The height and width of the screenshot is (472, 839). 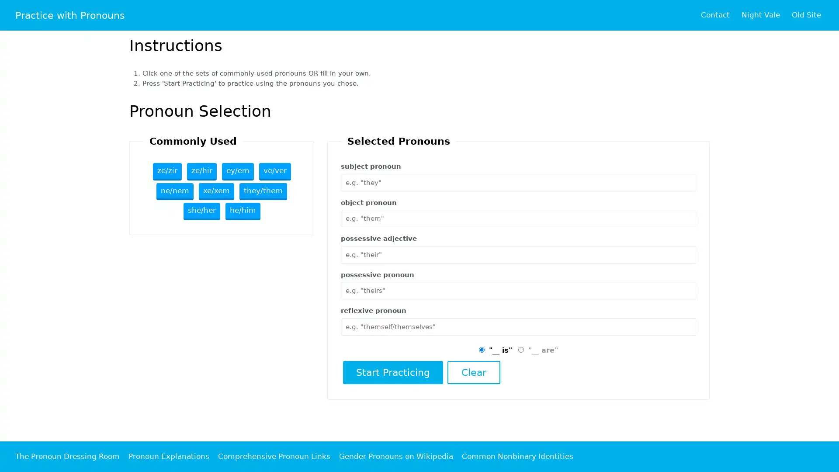 I want to click on ze/hir, so click(x=201, y=171).